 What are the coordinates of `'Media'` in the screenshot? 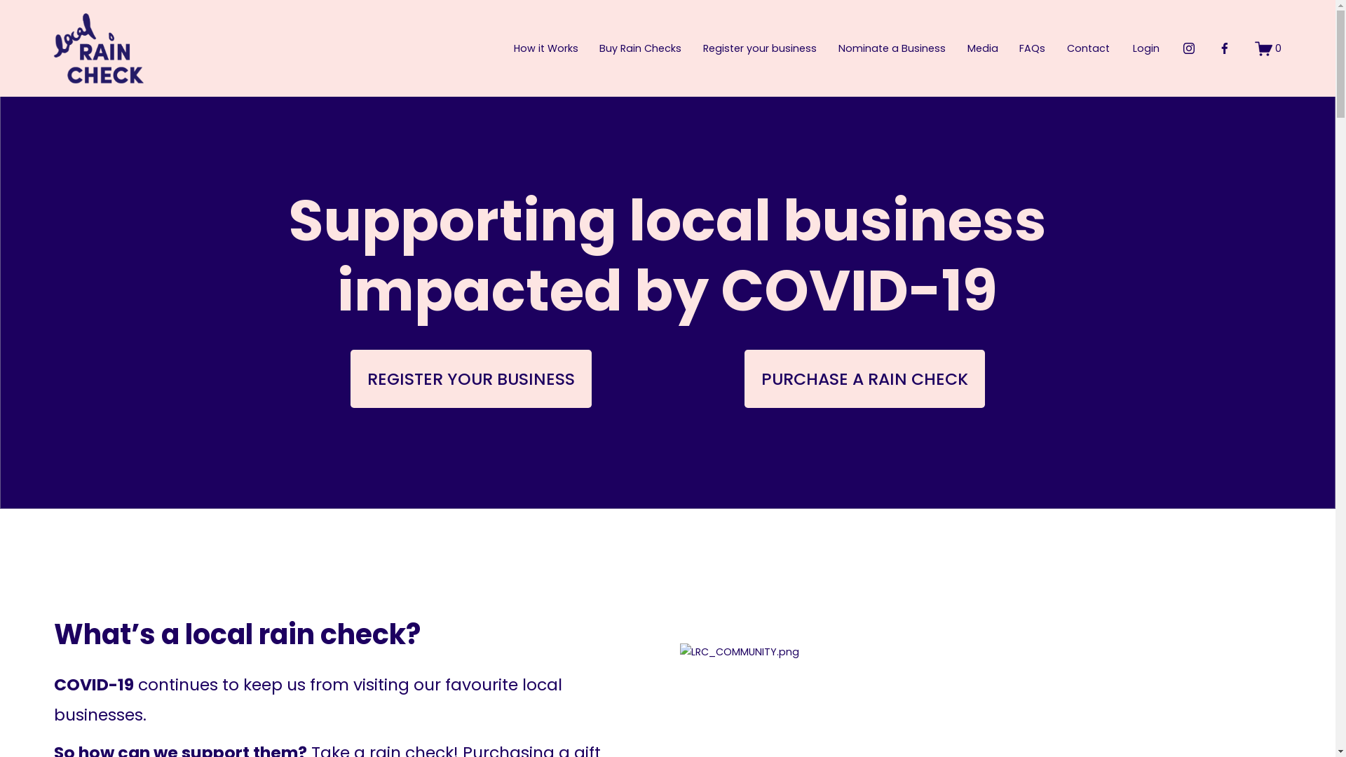 It's located at (967, 48).